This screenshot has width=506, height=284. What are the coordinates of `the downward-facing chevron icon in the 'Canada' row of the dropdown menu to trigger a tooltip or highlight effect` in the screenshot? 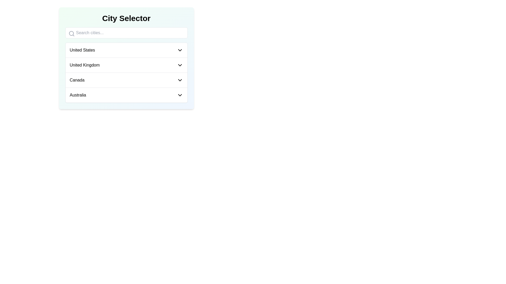 It's located at (180, 80).